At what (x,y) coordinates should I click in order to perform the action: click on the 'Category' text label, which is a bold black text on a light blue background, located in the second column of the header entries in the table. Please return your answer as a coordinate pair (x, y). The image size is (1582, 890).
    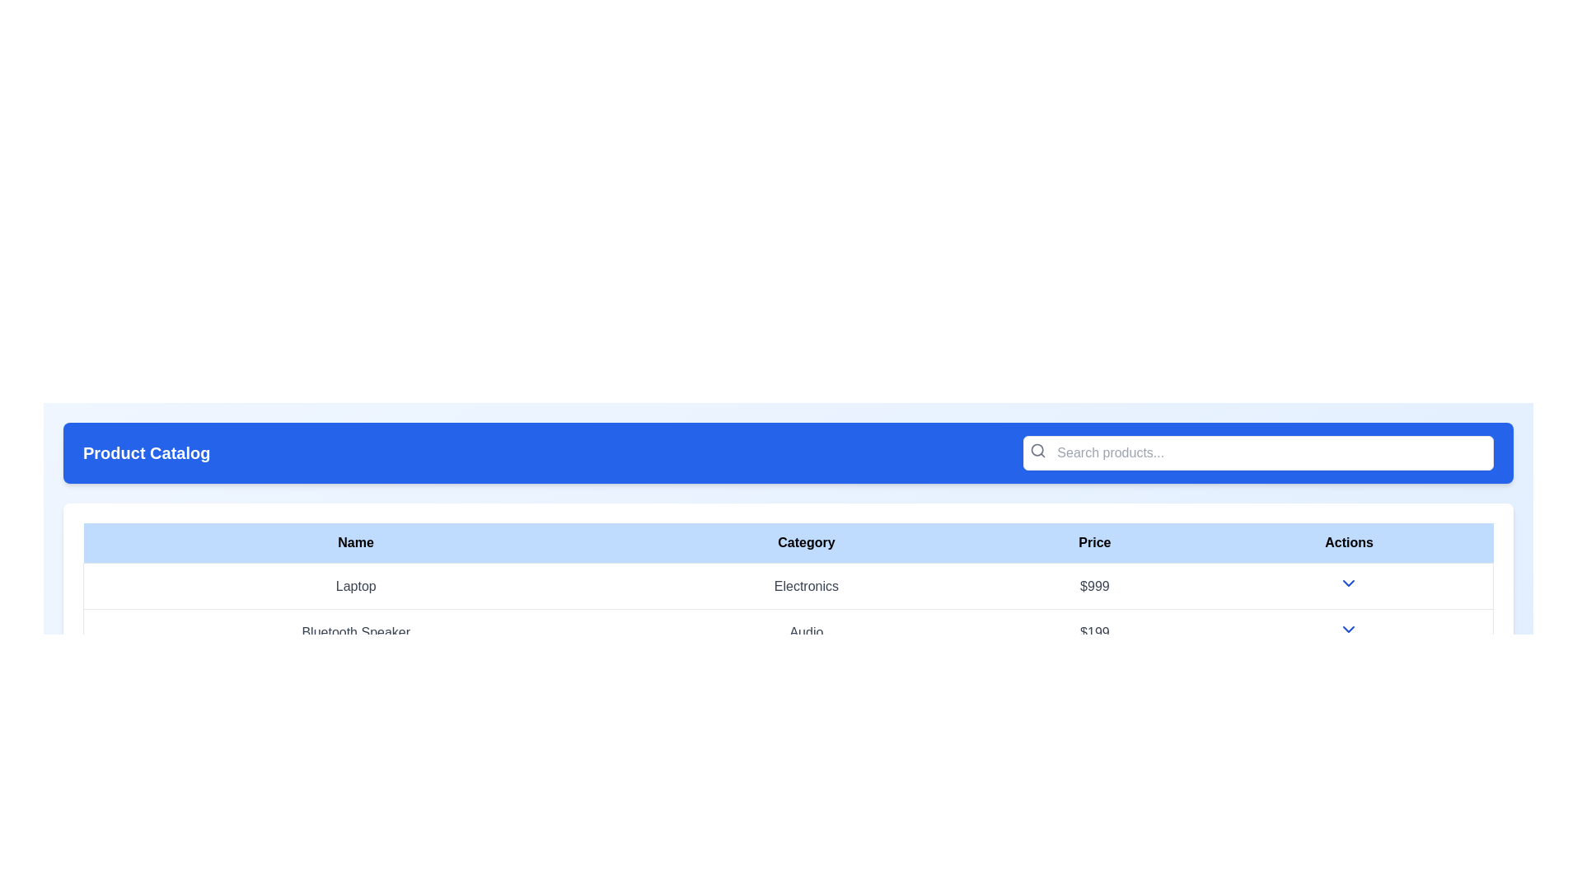
    Looking at the image, I should click on (806, 543).